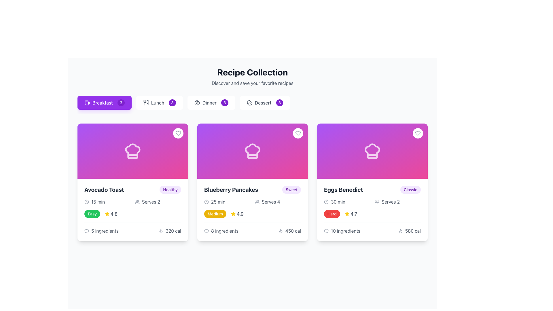 The image size is (553, 311). What do you see at coordinates (372, 202) in the screenshot?
I see `the informational UI component icons for '30 min' and 'Serves 2' in the 'Eggs Benedict' card` at bounding box center [372, 202].